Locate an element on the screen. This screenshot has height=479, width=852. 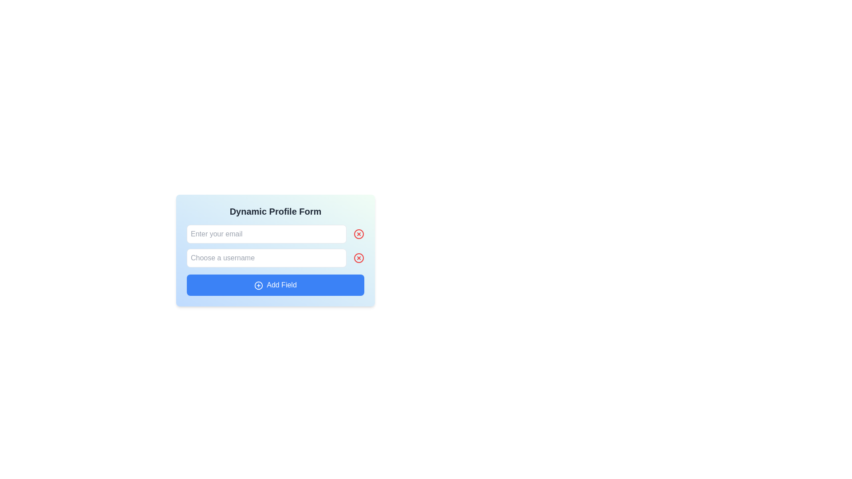
the delete button of the first email input panel in the dynamic profile form interface is located at coordinates (275, 234).